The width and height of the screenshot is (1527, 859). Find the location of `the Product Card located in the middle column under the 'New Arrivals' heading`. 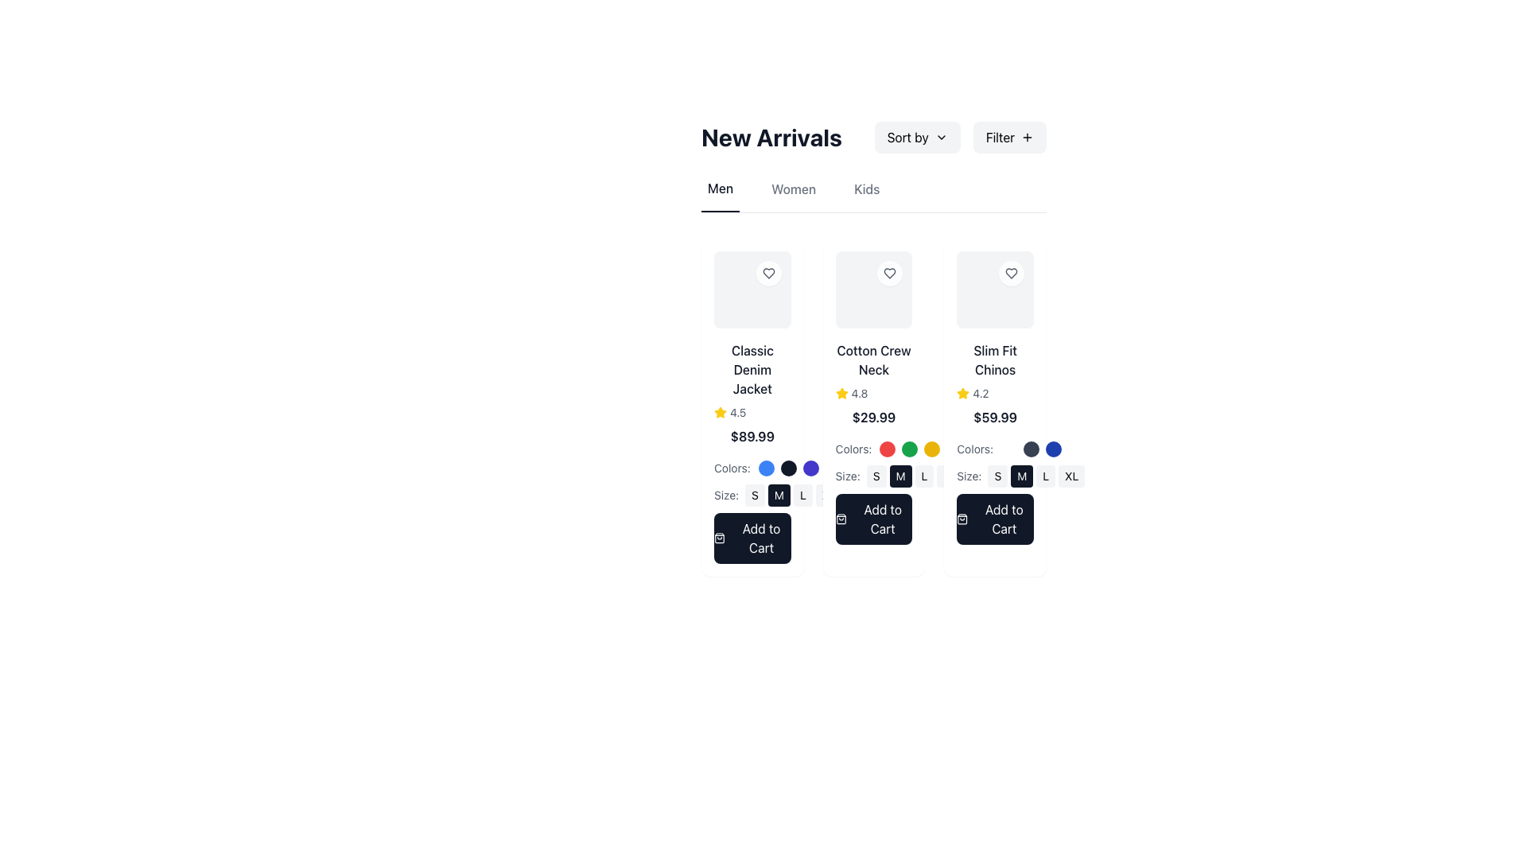

the Product Card located in the middle column under the 'New Arrivals' heading is located at coordinates (873, 406).